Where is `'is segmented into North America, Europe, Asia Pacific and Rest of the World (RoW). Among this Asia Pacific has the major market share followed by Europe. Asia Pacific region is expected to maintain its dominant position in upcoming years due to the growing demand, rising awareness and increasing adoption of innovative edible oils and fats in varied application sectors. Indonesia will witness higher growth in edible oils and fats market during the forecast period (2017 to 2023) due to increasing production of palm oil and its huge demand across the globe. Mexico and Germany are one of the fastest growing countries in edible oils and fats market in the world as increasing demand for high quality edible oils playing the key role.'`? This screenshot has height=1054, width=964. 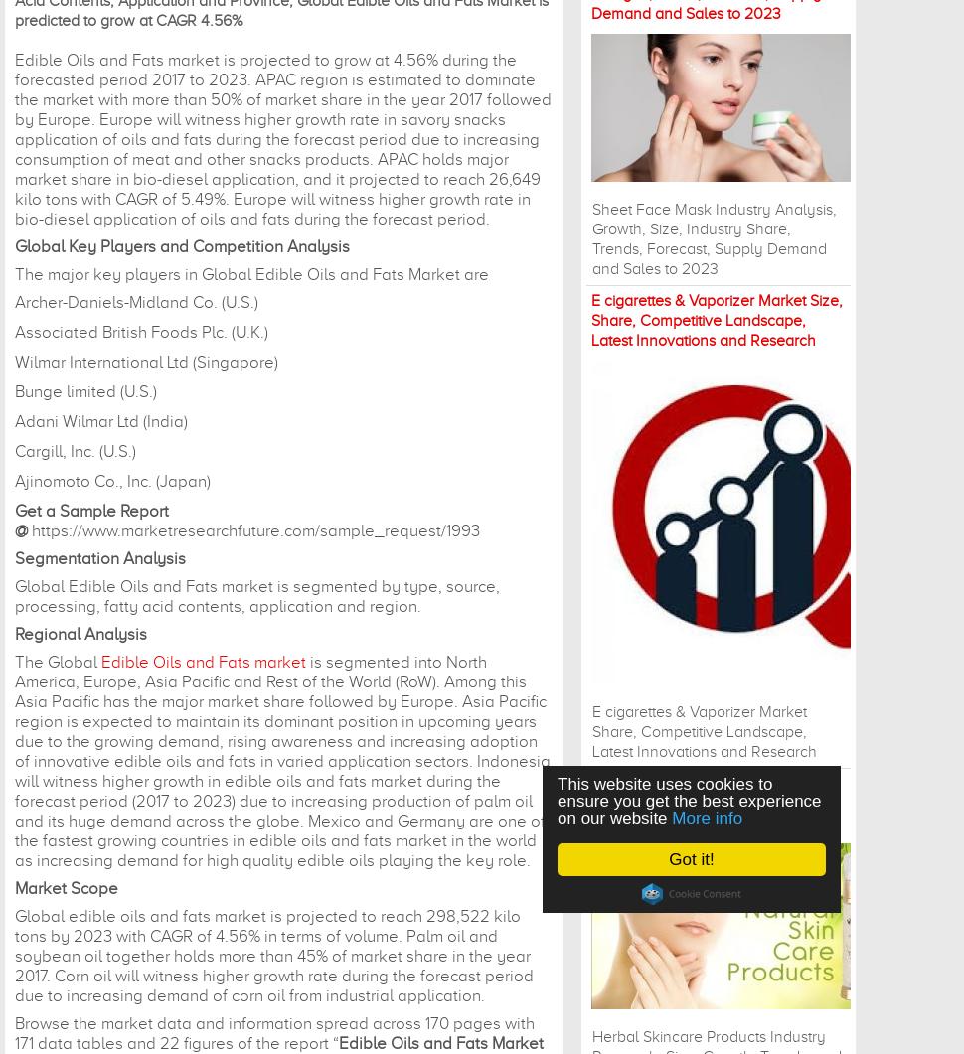
'is segmented into North America, Europe, Asia Pacific and Rest of the World (RoW). Among this Asia Pacific has the major market share followed by Europe. Asia Pacific region is expected to maintain its dominant position in upcoming years due to the growing demand, rising awareness and increasing adoption of innovative edible oils and fats in varied application sectors. Indonesia will witness higher growth in edible oils and fats market during the forecast period (2017 to 2023) due to increasing production of palm oil and its huge demand across the globe. Mexico and Germany are one of the fastest growing countries in edible oils and fats market in the world as increasing demand for high quality edible oils playing the key role.' is located at coordinates (281, 760).